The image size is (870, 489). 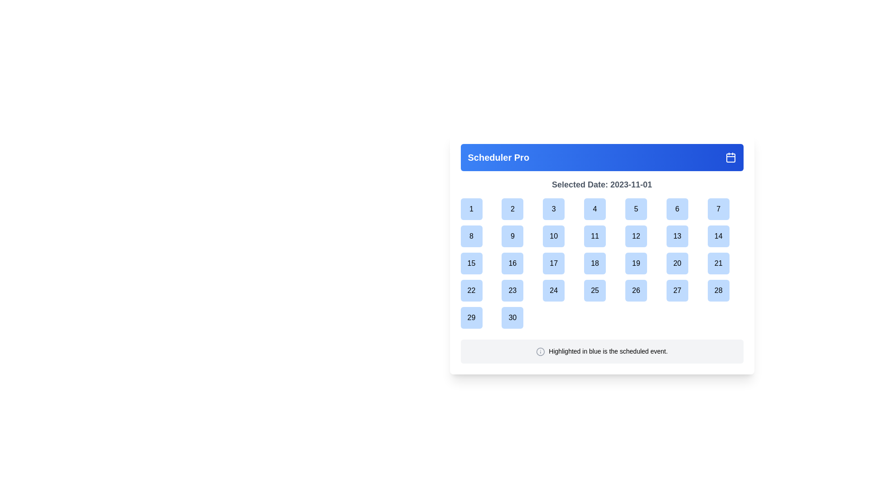 What do you see at coordinates (471, 290) in the screenshot?
I see `the squared button with a light blue background and the number '22' displayed in black font` at bounding box center [471, 290].